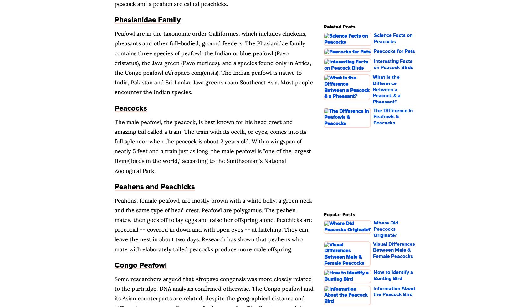  What do you see at coordinates (392, 116) in the screenshot?
I see `'The Difference in Peafowls & Peacocks'` at bounding box center [392, 116].